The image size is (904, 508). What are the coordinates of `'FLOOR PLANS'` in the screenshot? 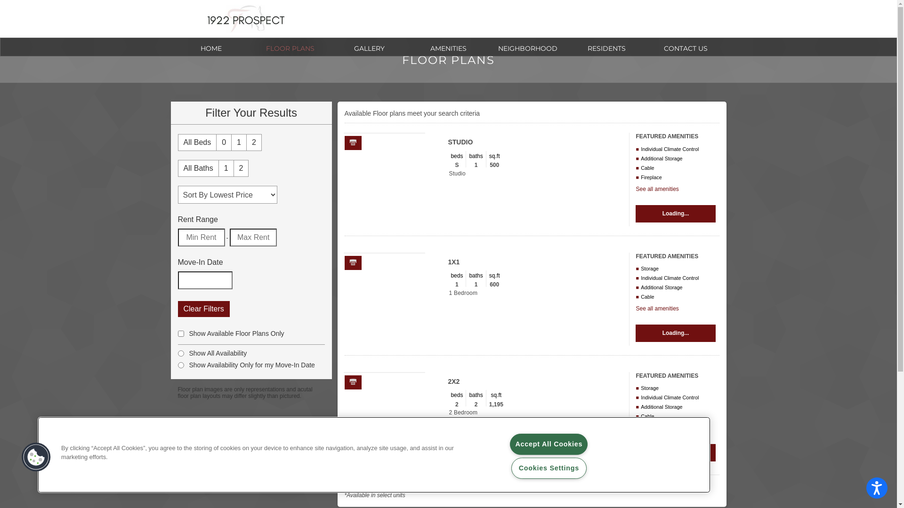 It's located at (250, 47).